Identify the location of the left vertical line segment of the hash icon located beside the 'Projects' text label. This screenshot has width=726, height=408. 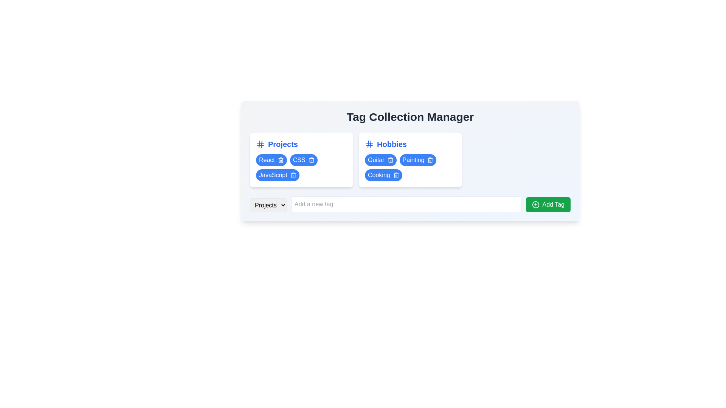
(259, 144).